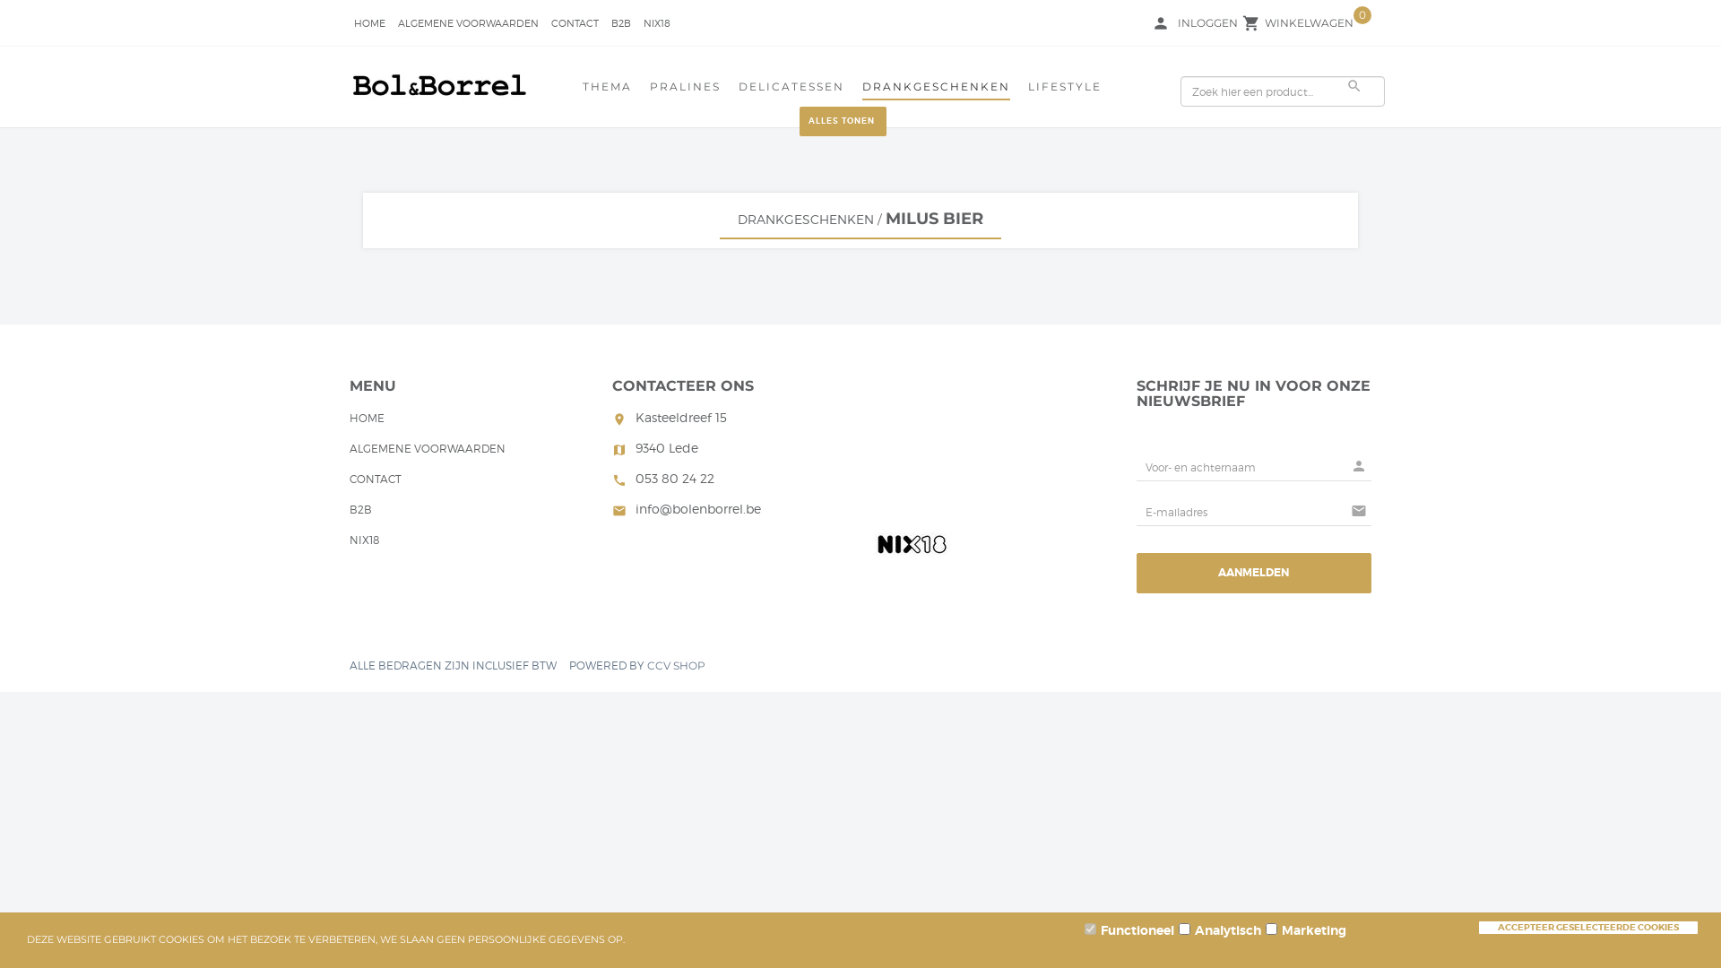 The width and height of the screenshot is (1721, 968). Describe the element at coordinates (1065, 89) in the screenshot. I see `'LIFESTYLE'` at that location.